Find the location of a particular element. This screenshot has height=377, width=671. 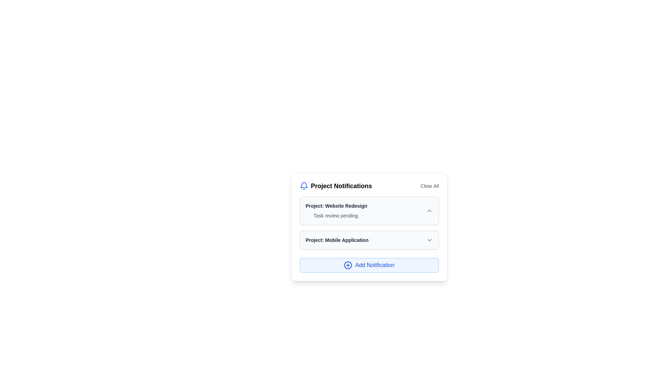

the downward-pointing chevron icon of the Dropdown toggle button associated with 'Project: Mobile Application' to change its color is located at coordinates (429, 239).